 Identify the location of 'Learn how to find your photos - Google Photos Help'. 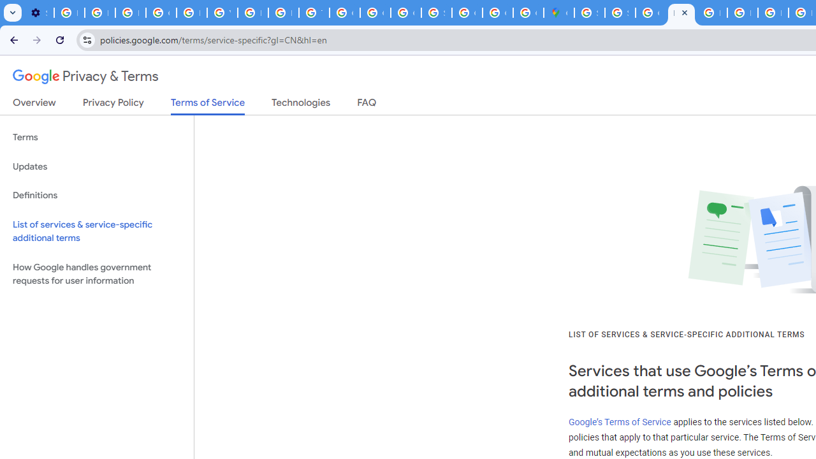
(99, 13).